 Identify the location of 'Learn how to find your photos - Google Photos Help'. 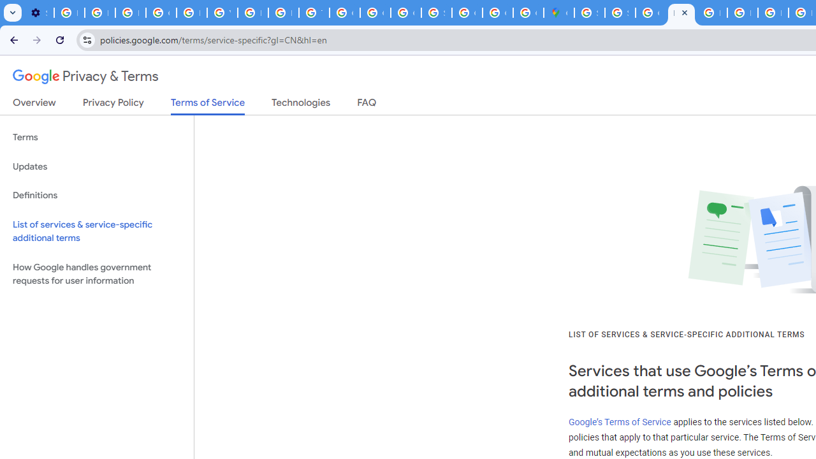
(99, 13).